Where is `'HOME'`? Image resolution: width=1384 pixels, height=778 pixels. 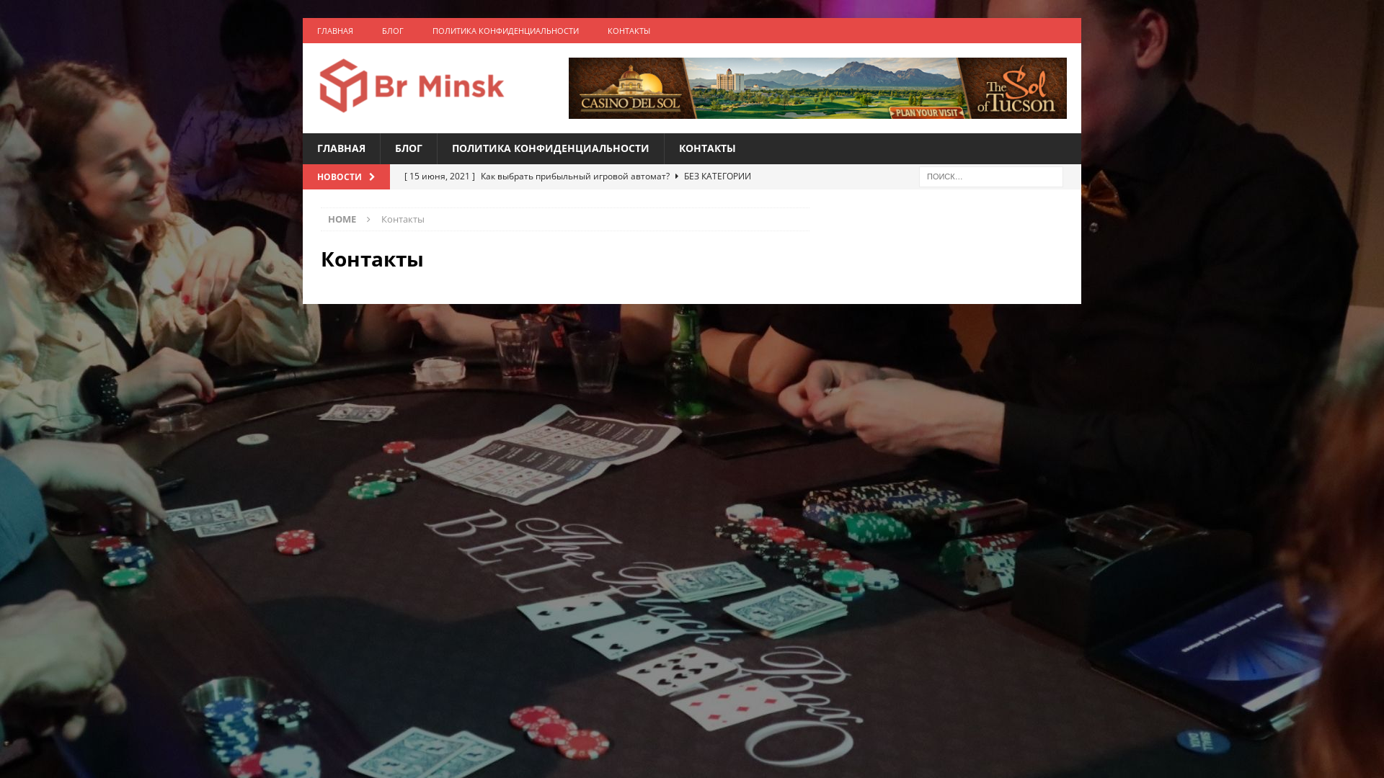 'HOME' is located at coordinates (341, 219).